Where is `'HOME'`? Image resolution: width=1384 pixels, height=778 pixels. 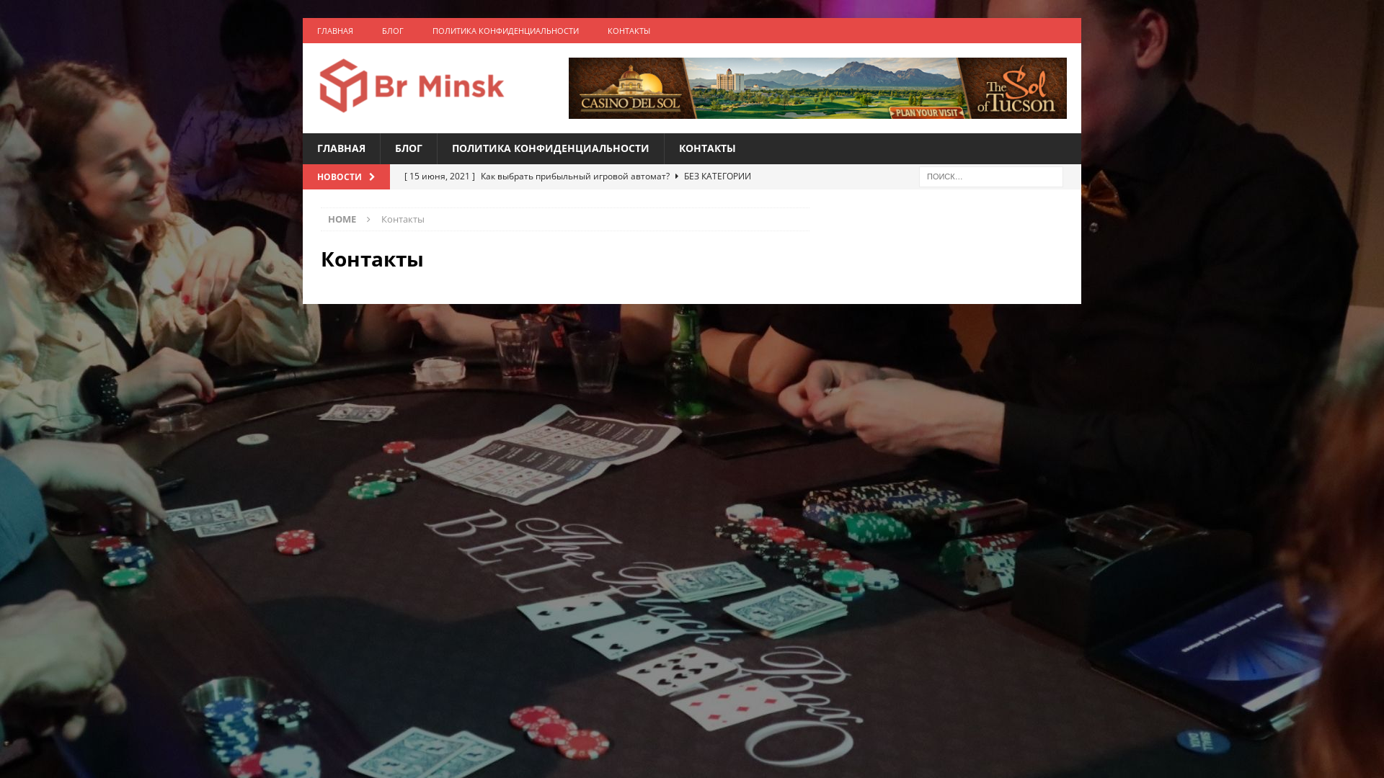 'HOME' is located at coordinates (341, 219).